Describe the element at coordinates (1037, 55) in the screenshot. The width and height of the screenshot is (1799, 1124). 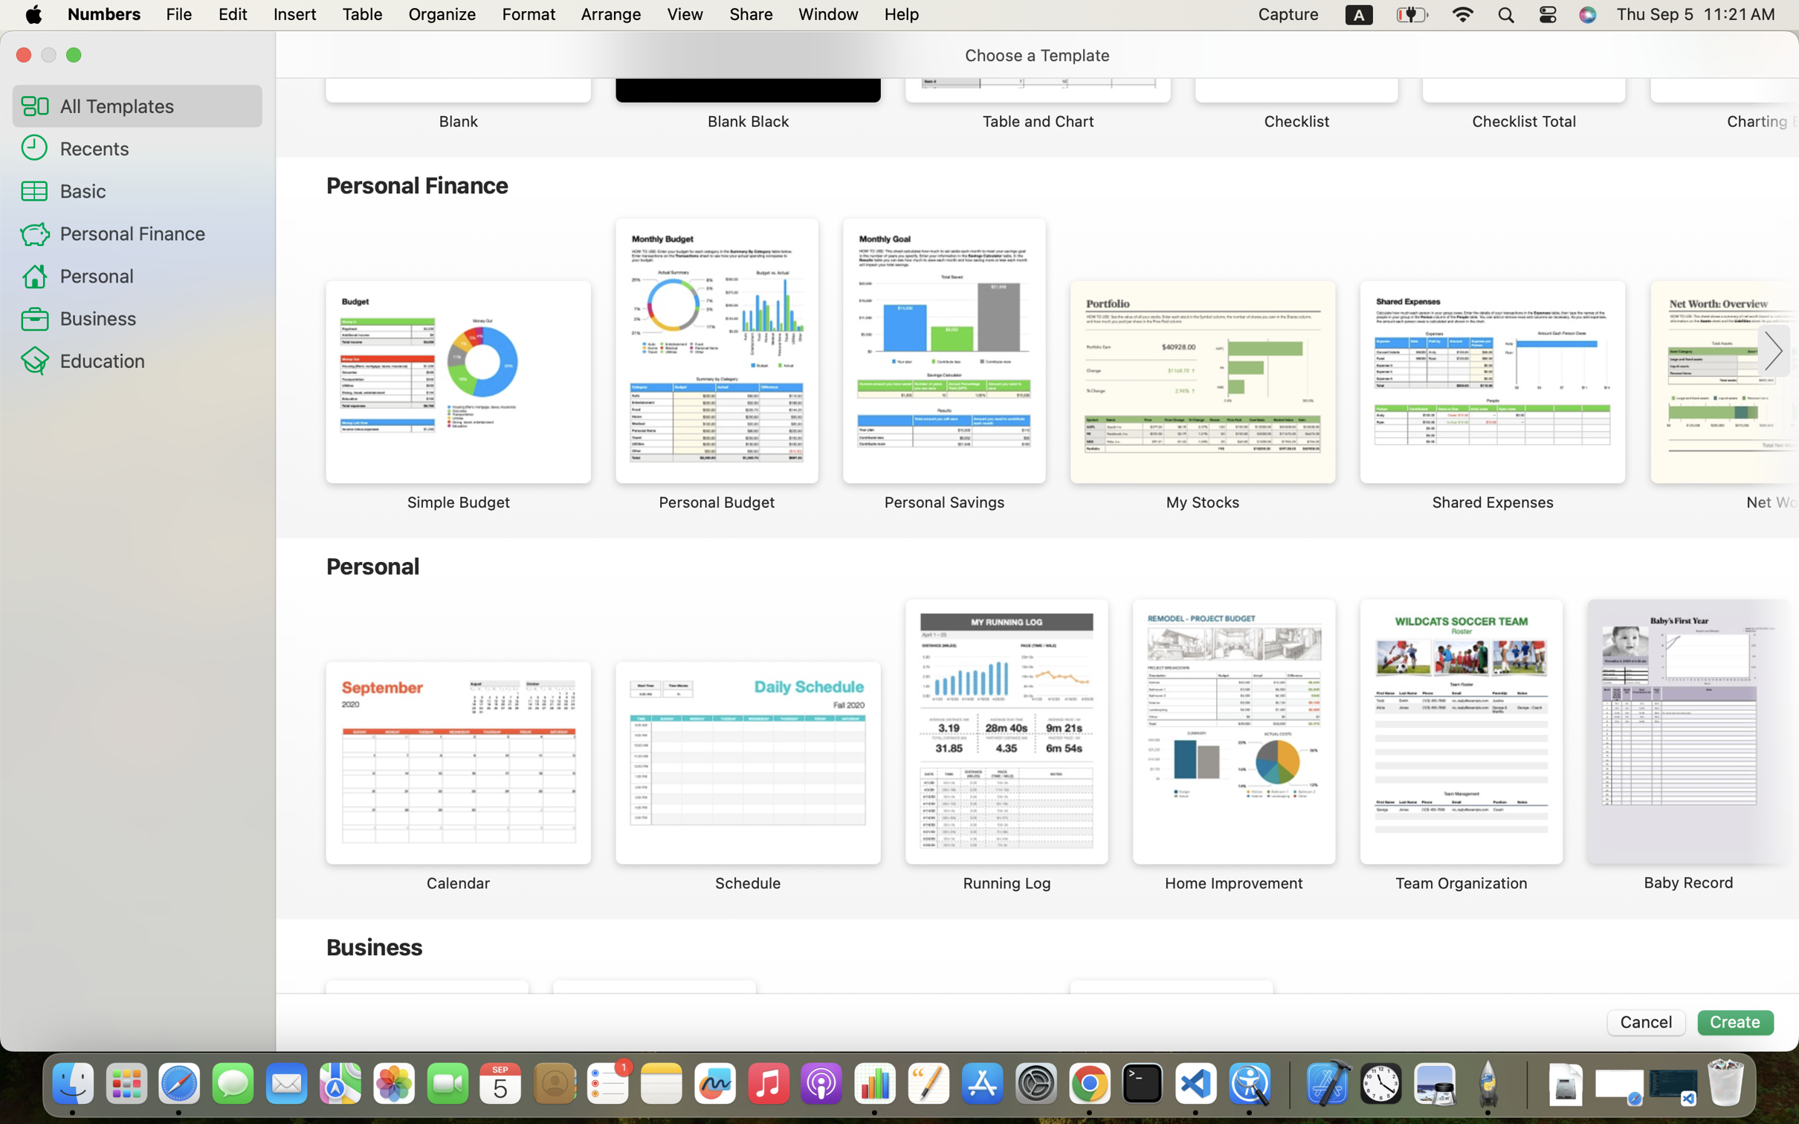
I see `'Choose a Template'` at that location.